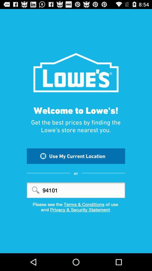 This screenshot has height=271, width=152. Describe the element at coordinates (76, 211) in the screenshot. I see `and privacy security item` at that location.